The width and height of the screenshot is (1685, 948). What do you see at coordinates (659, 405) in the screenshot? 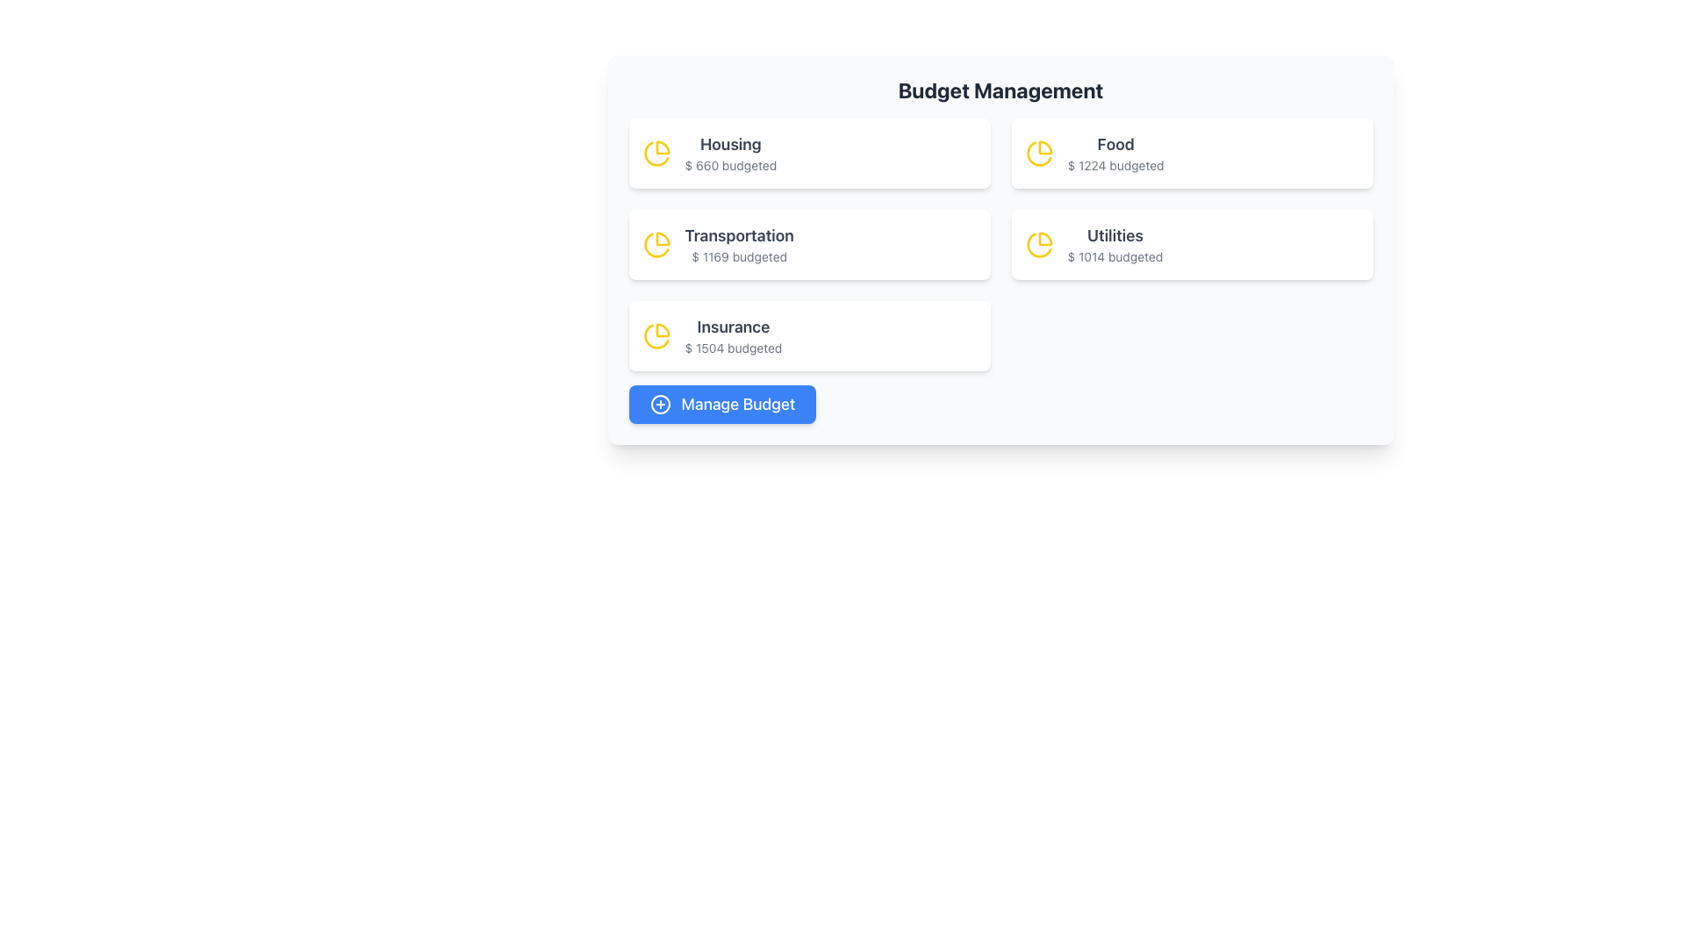
I see `the icon` at bounding box center [659, 405].